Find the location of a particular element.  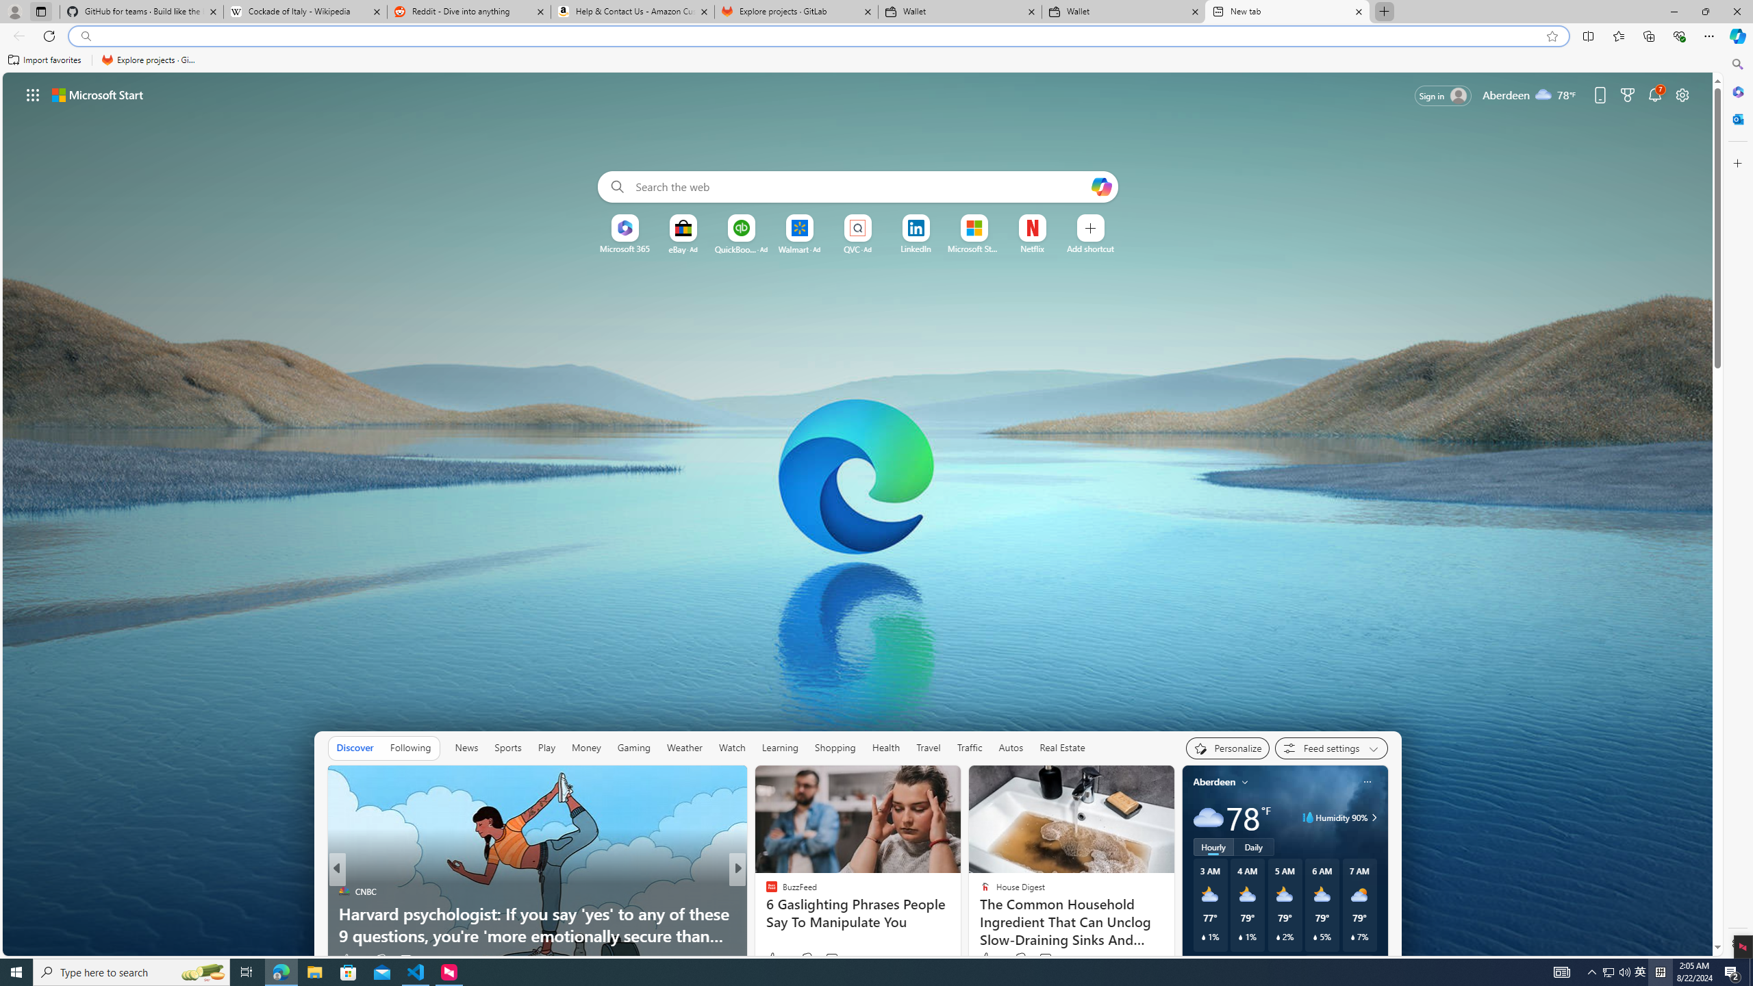

'Vox.com' is located at coordinates (765, 892).